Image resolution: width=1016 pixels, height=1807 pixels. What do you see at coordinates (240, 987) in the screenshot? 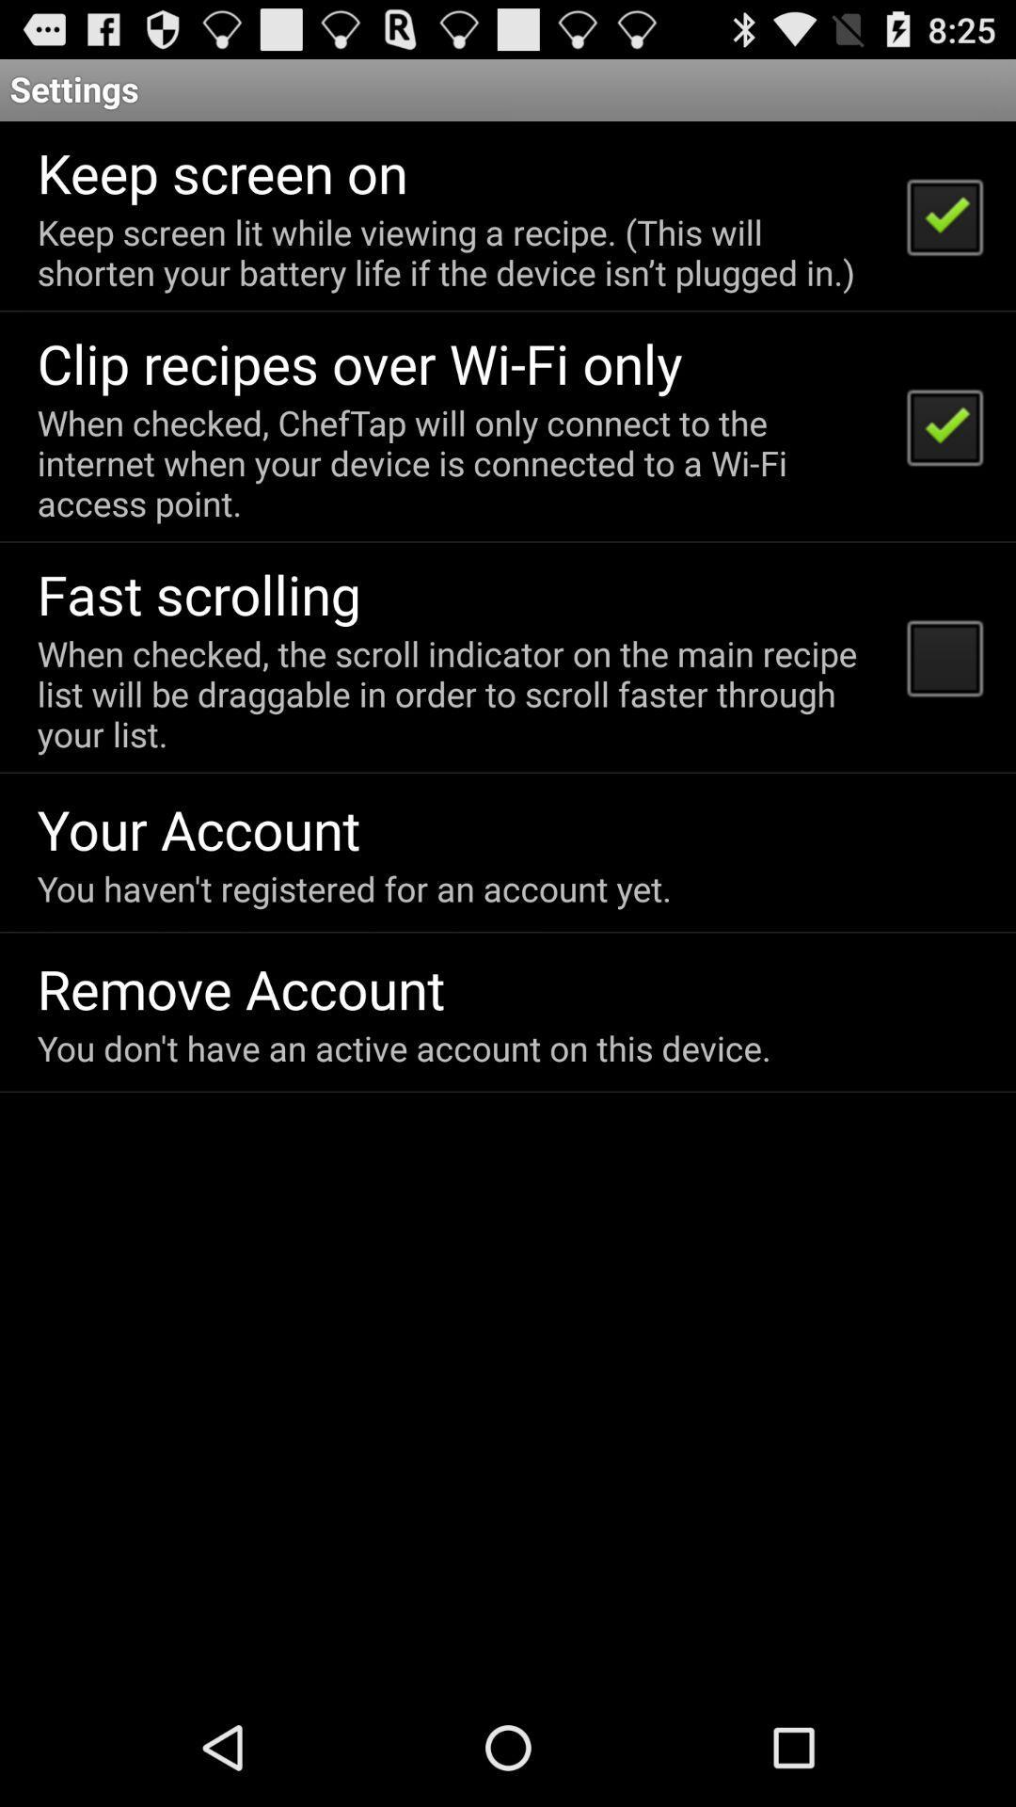
I see `icon above you don t app` at bounding box center [240, 987].